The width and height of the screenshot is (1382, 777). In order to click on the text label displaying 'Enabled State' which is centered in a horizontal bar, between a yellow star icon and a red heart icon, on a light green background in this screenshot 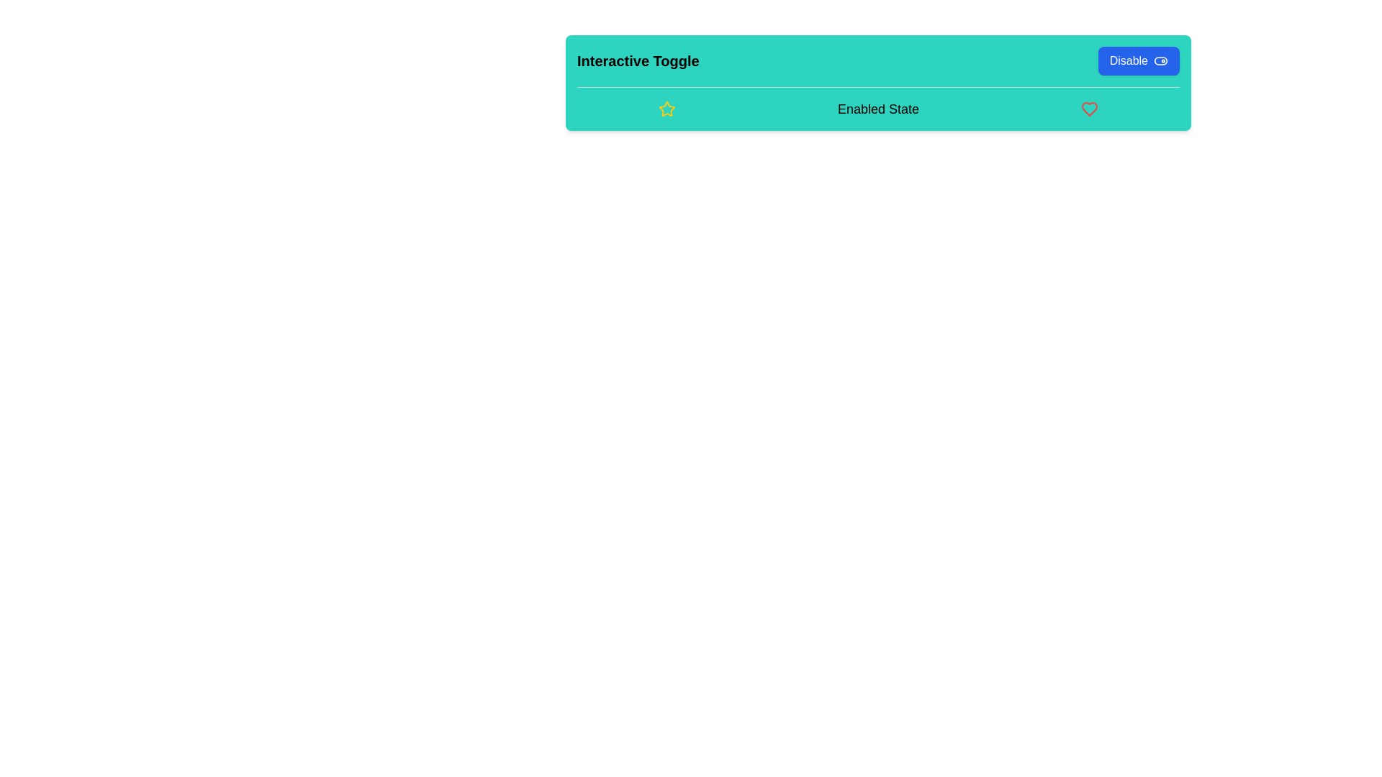, I will do `click(877, 108)`.